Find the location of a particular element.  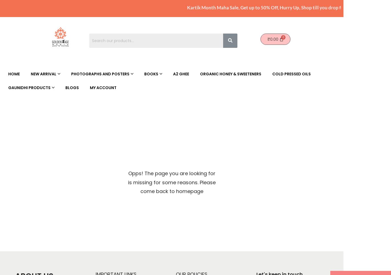

'Canvas Prints' is located at coordinates (84, 88).